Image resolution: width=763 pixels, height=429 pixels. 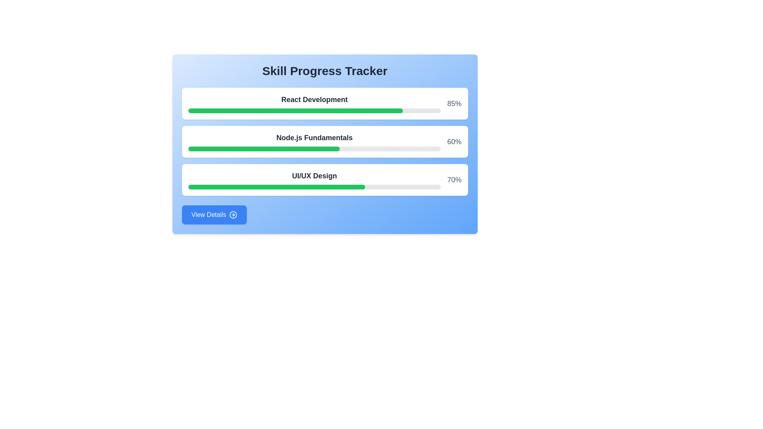 What do you see at coordinates (314, 176) in the screenshot?
I see `the Text Label that identifies the progress section for the UI/UX Design skill, located in the third section of the progress tracker, above the green progress bar` at bounding box center [314, 176].